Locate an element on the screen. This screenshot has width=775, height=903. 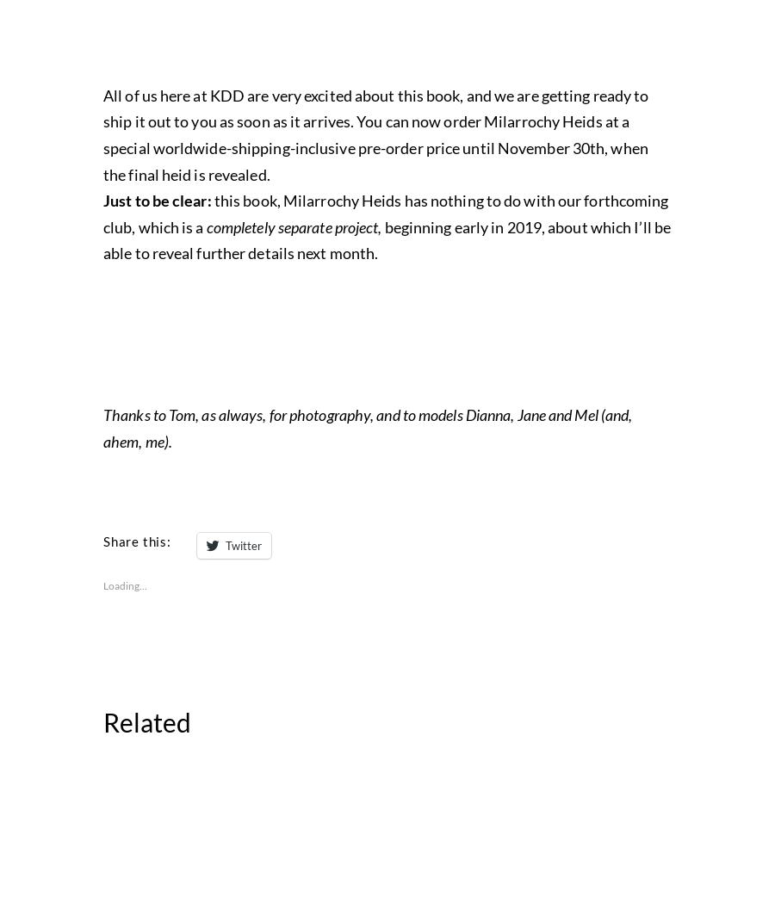
'has nothing to do with our forthcoming club, which is a' is located at coordinates (386, 591).